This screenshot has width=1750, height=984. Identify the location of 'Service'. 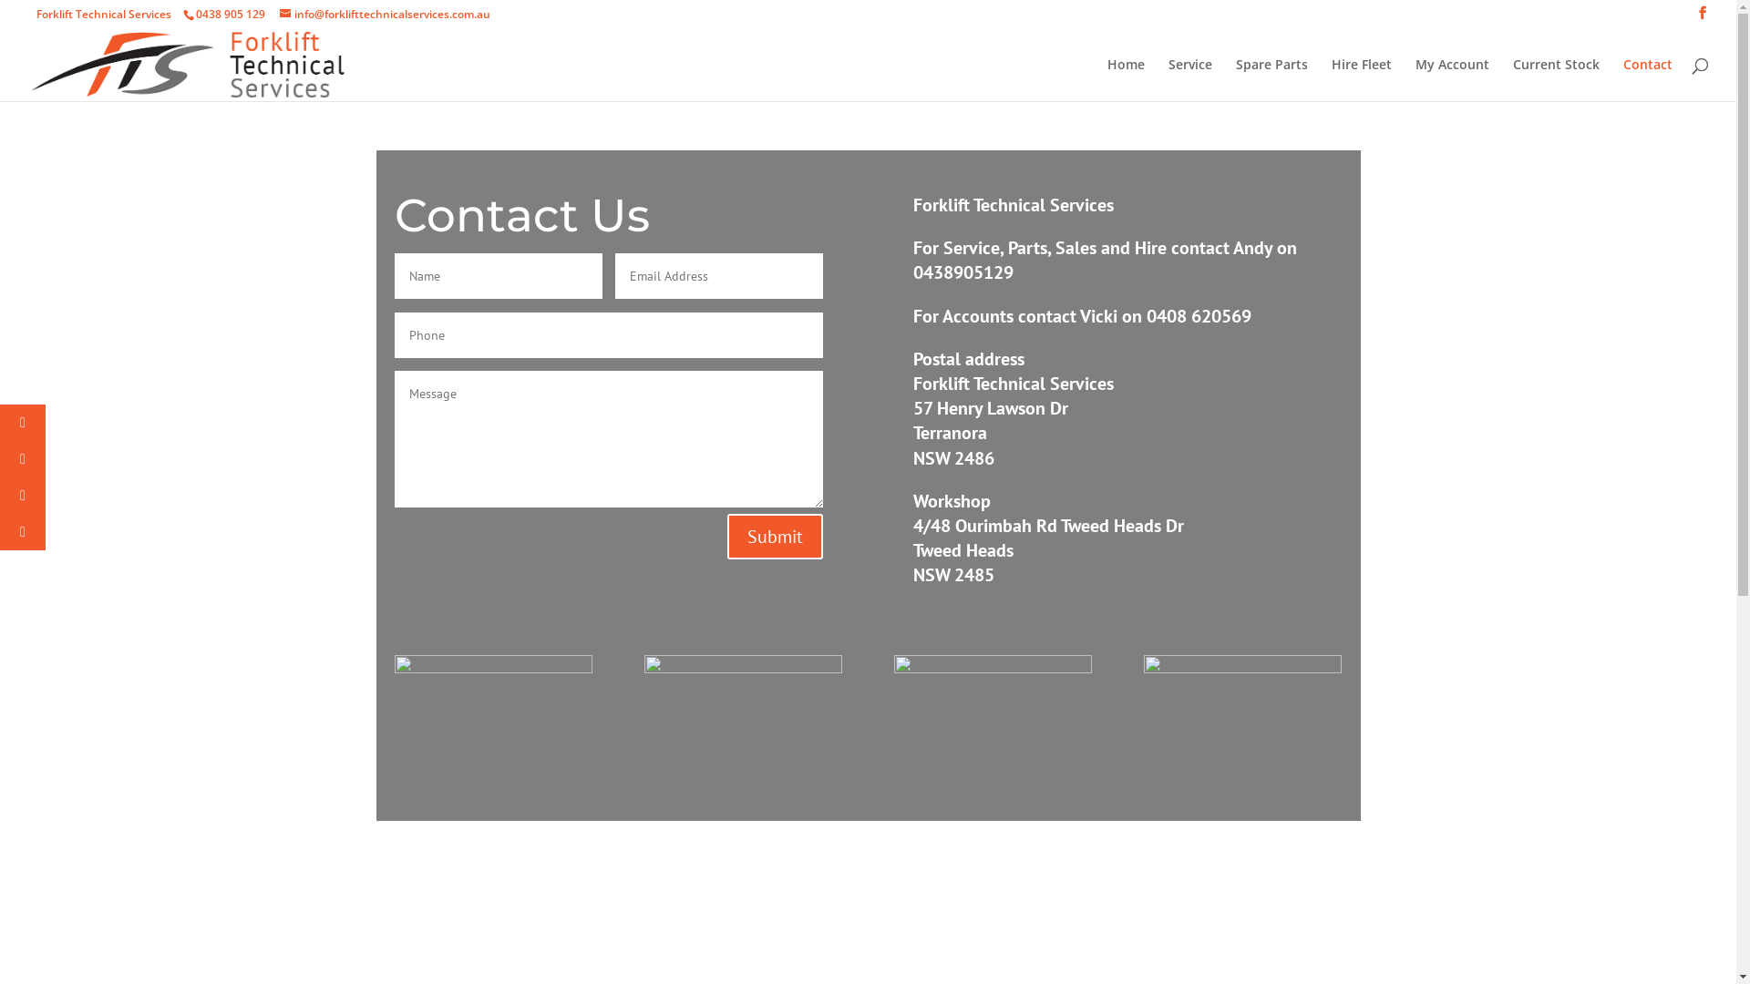
(1189, 78).